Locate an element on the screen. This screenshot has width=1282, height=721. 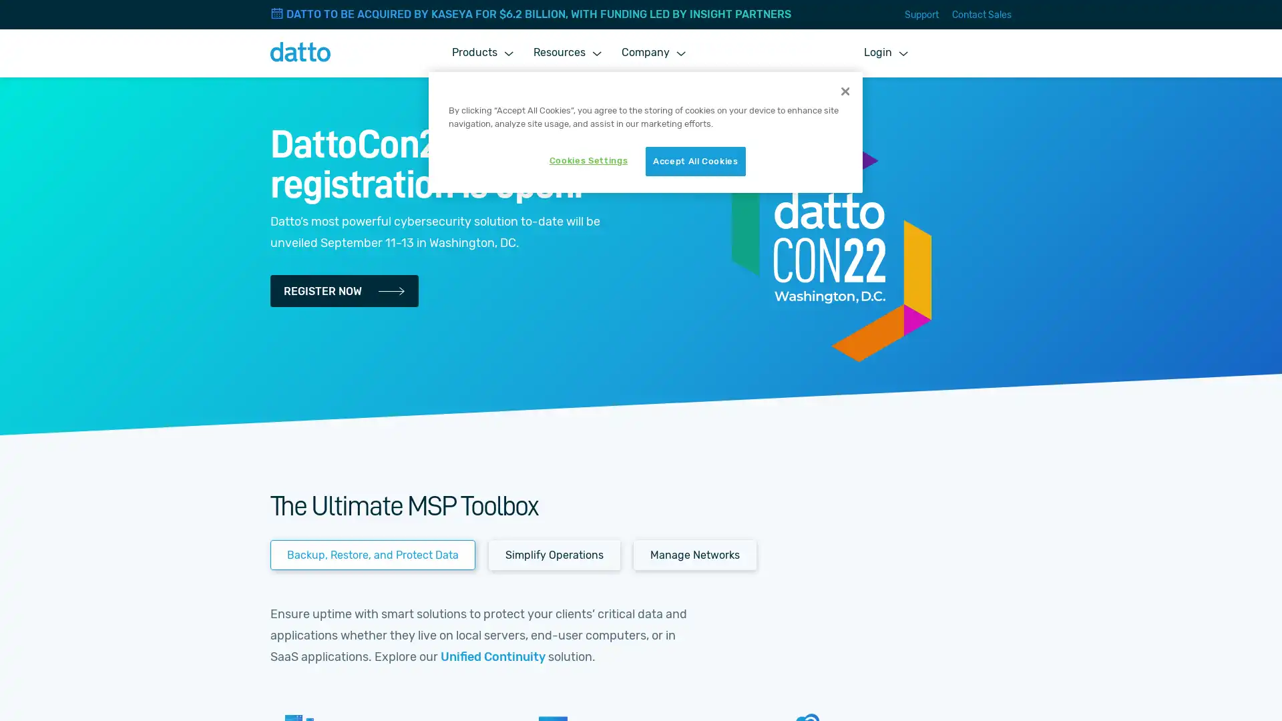
Products is located at coordinates (471, 51).